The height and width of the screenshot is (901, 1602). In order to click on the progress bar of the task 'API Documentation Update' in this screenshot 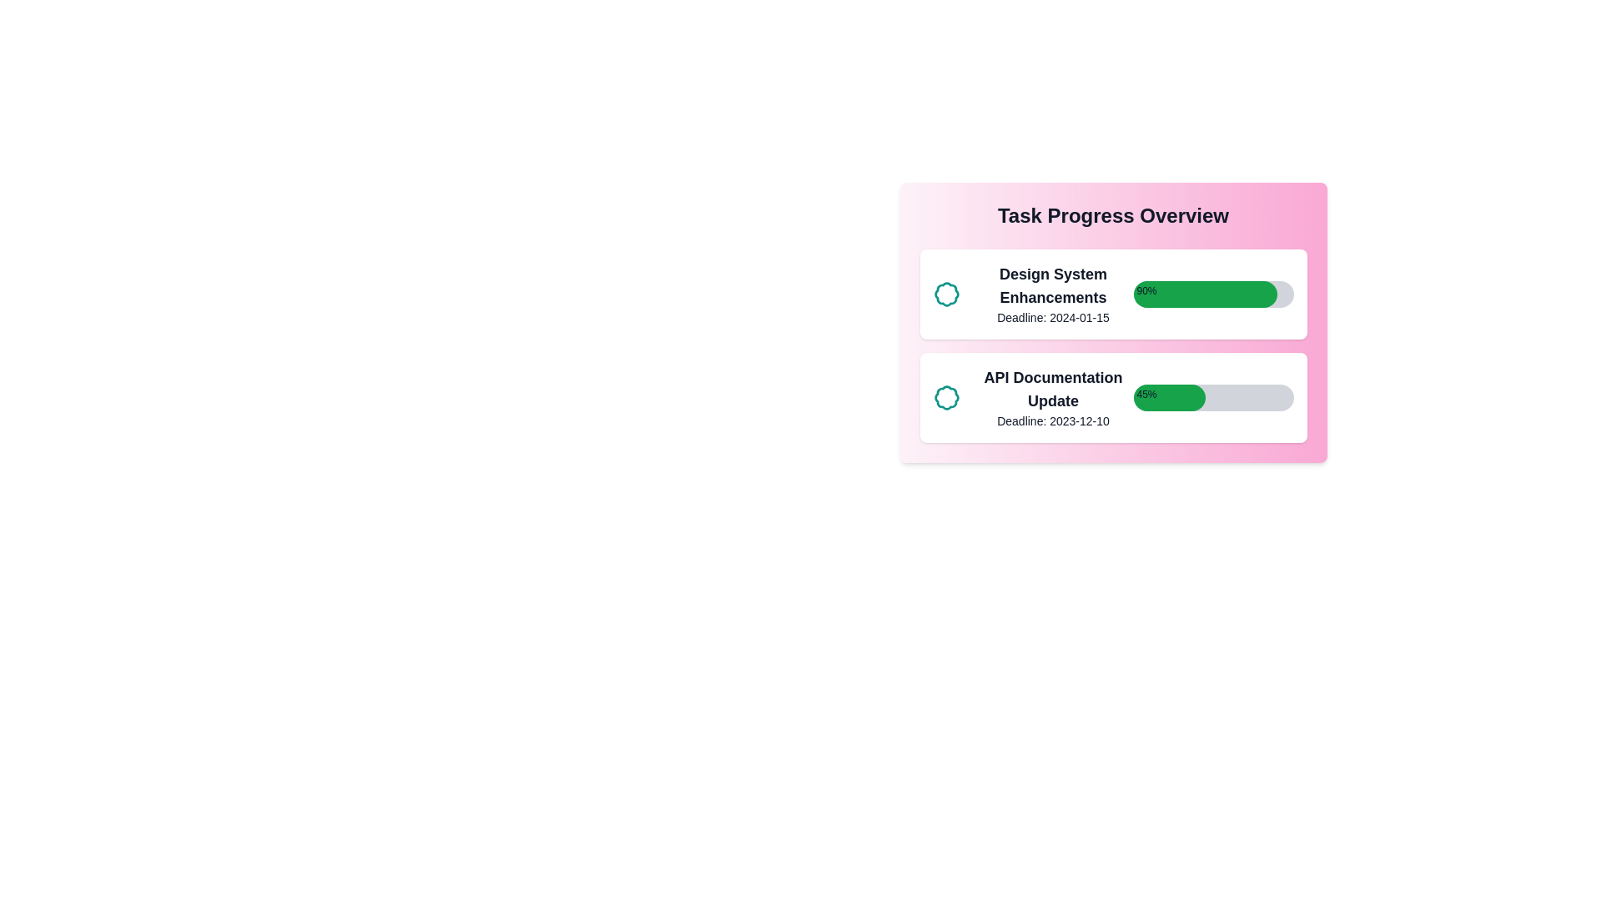, I will do `click(1213, 398)`.